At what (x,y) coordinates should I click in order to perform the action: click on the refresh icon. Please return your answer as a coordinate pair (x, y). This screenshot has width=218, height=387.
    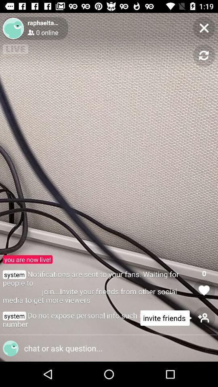
    Looking at the image, I should click on (203, 55).